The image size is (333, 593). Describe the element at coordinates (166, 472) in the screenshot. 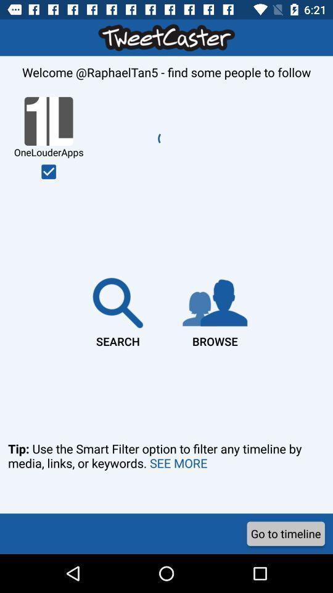

I see `icon above the go to timeline item` at that location.